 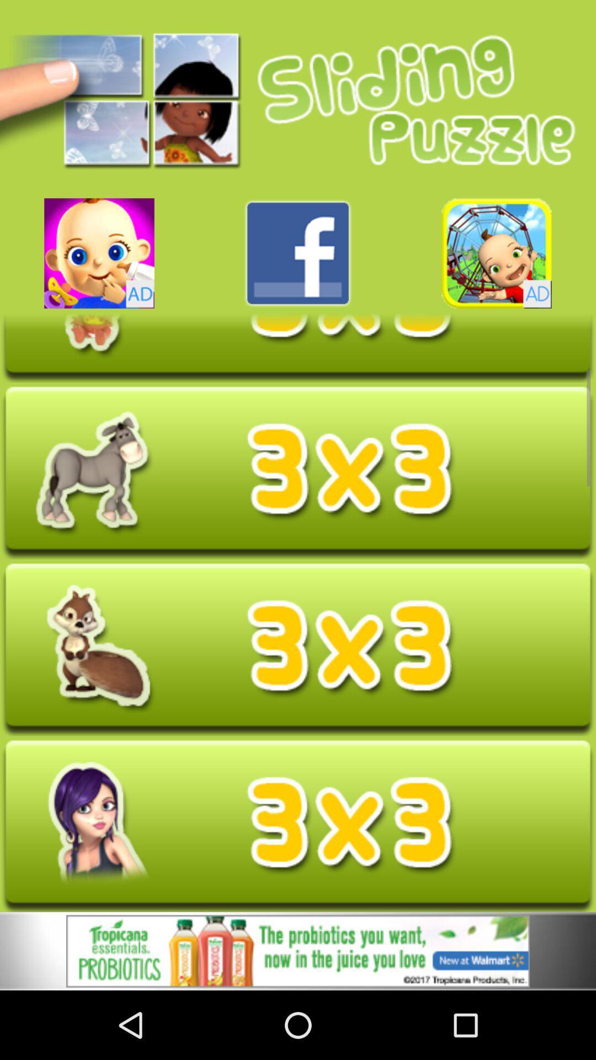 What do you see at coordinates (298, 347) in the screenshot?
I see `three times three` at bounding box center [298, 347].